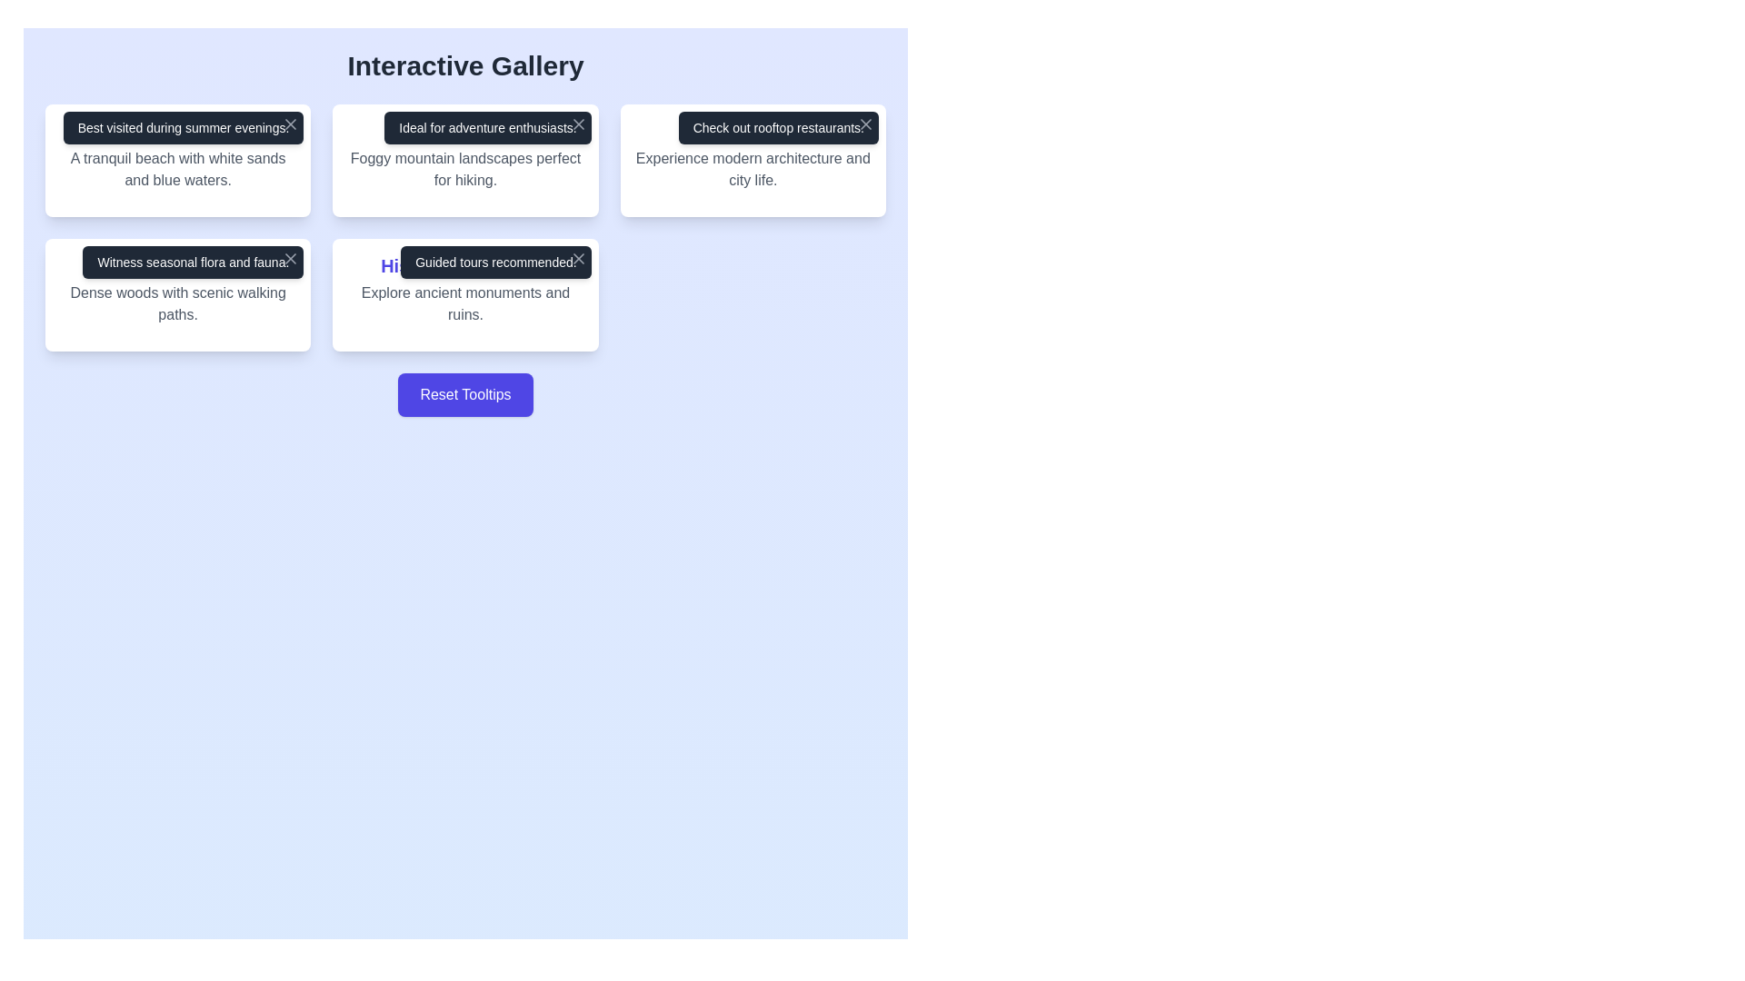  Describe the element at coordinates (178, 169) in the screenshot. I see `text content of the Text label located within the card component titled 'Serenity Beach', positioned below the title` at that location.